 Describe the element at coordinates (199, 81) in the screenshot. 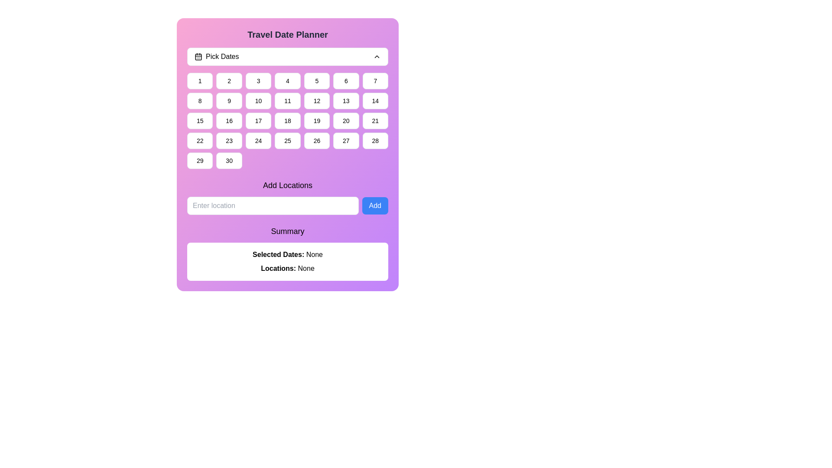

I see `the day '1' button in the date selection grid to activate the hover effect` at that location.